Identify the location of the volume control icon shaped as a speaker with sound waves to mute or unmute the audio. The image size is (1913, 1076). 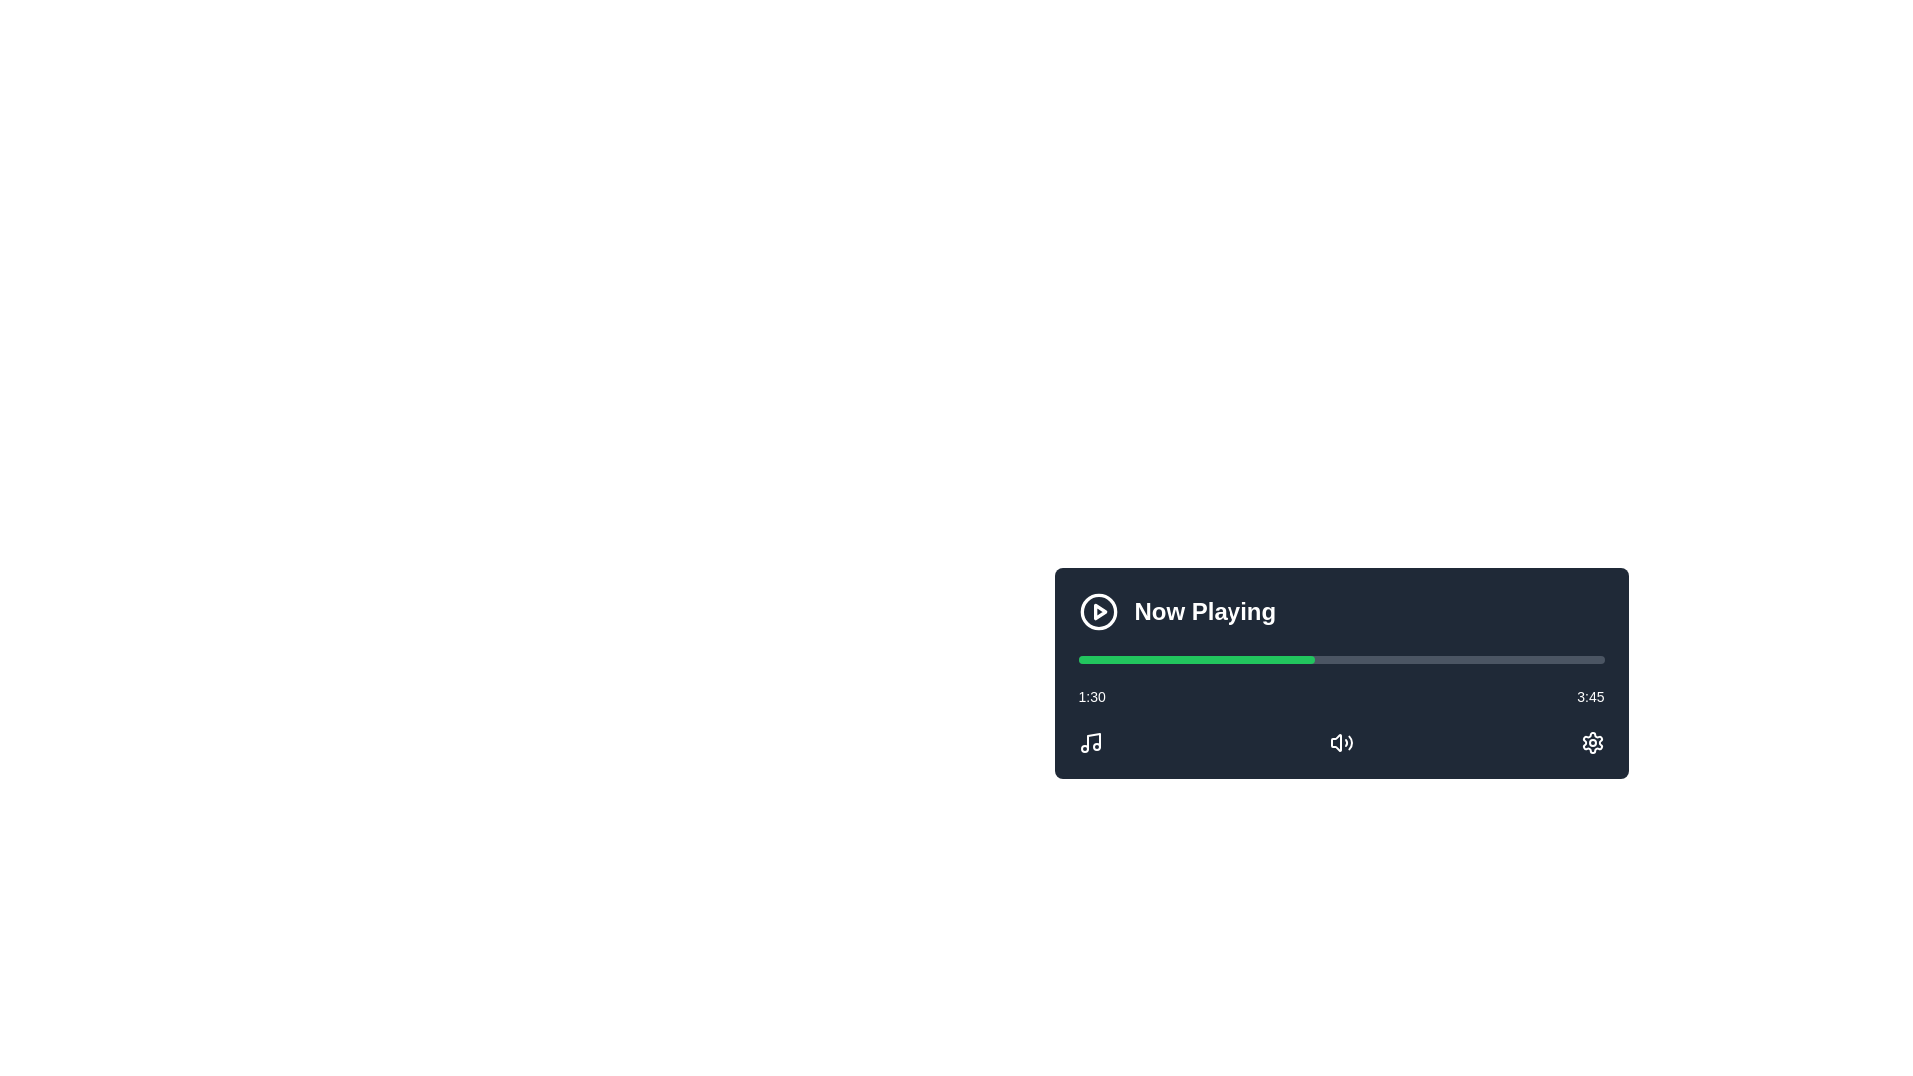
(1341, 742).